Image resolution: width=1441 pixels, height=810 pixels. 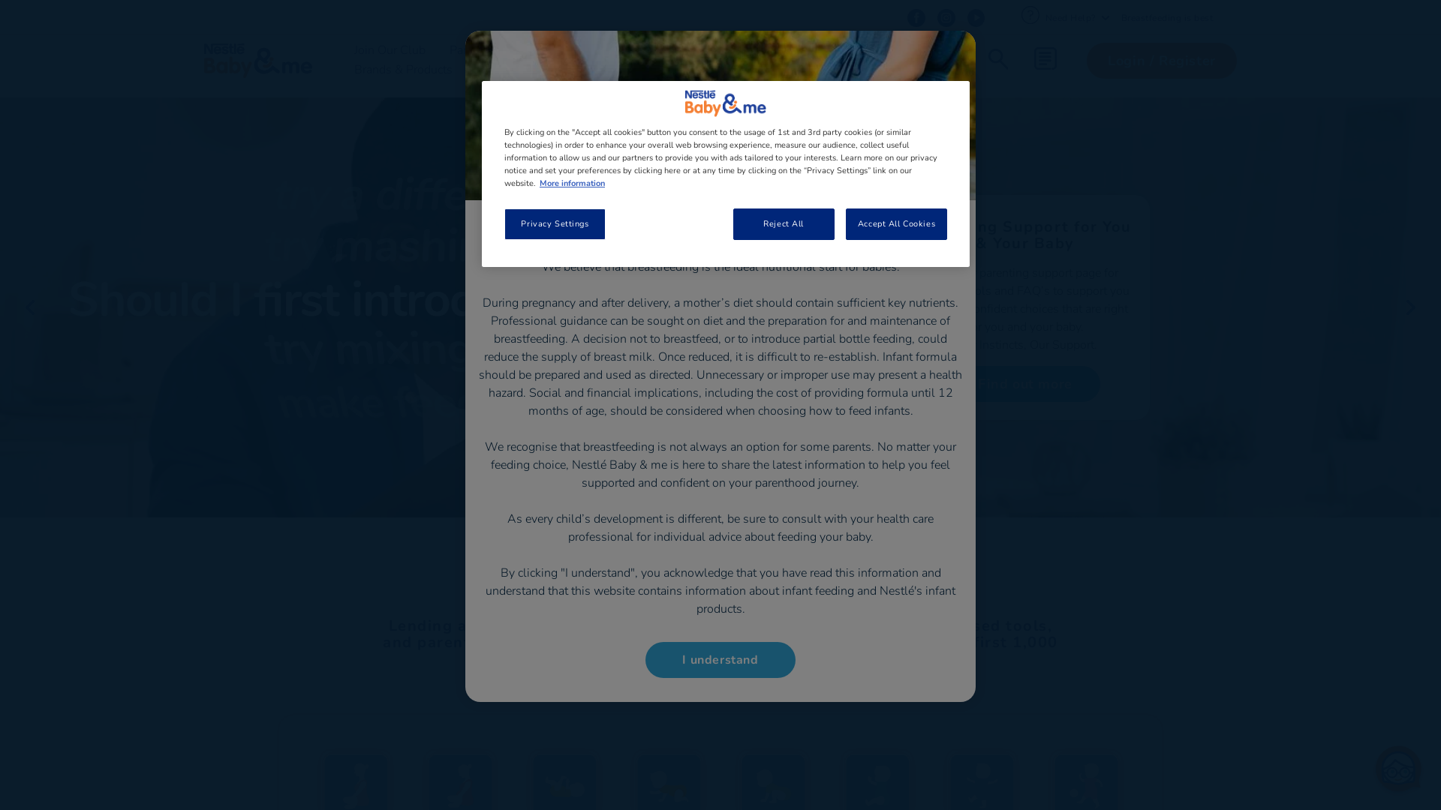 What do you see at coordinates (390, 49) in the screenshot?
I see `'Join Our Club'` at bounding box center [390, 49].